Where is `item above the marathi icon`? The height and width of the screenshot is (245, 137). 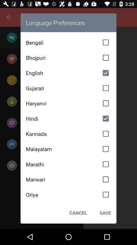 item above the marathi icon is located at coordinates (68, 149).